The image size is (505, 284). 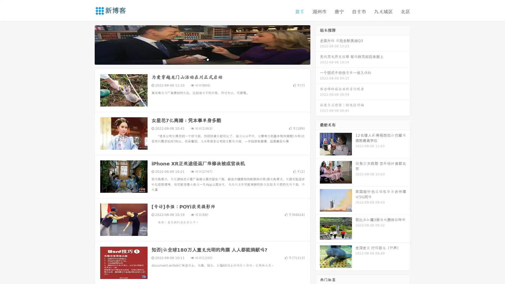 I want to click on Next slide, so click(x=318, y=44).